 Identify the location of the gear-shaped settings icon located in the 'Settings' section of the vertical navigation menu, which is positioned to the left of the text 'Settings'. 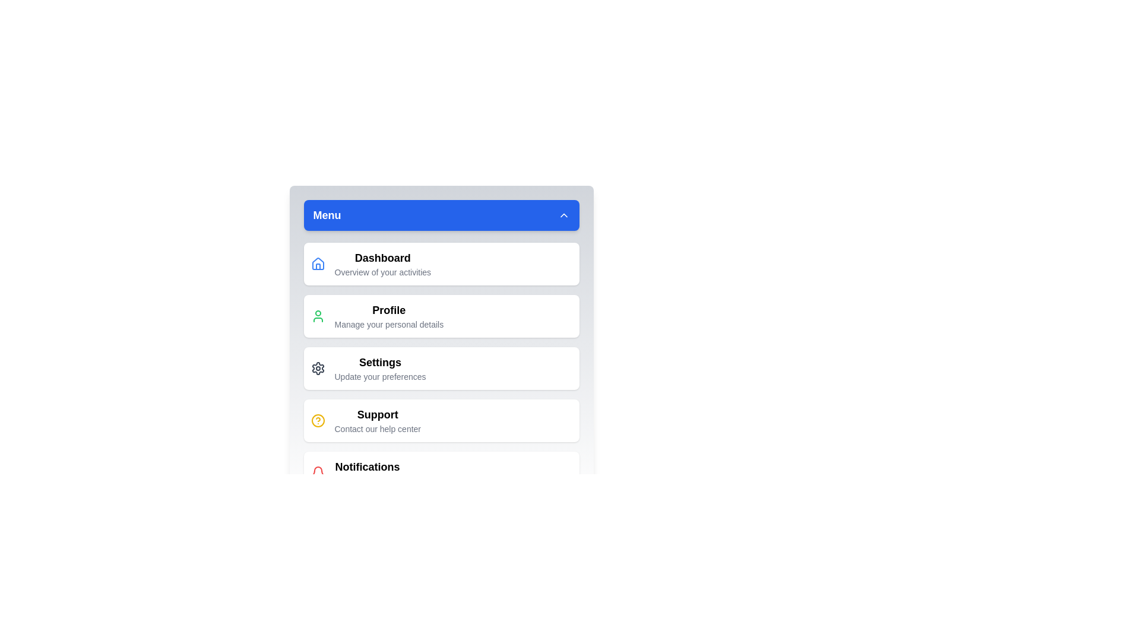
(318, 368).